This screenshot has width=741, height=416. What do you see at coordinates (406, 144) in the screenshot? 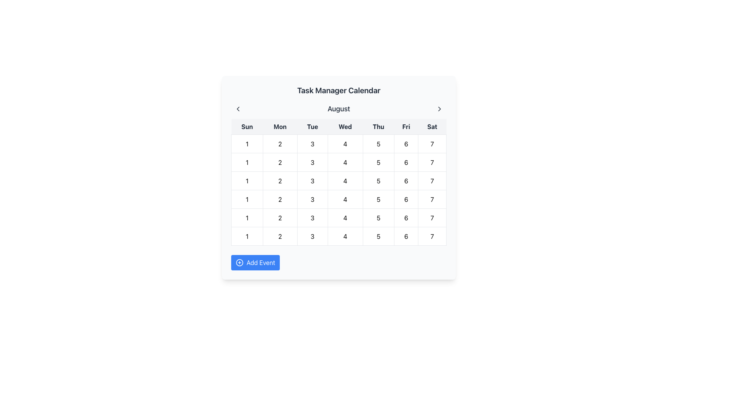
I see `the calendar grid cell representing the day in the fifth column of the first row` at bounding box center [406, 144].